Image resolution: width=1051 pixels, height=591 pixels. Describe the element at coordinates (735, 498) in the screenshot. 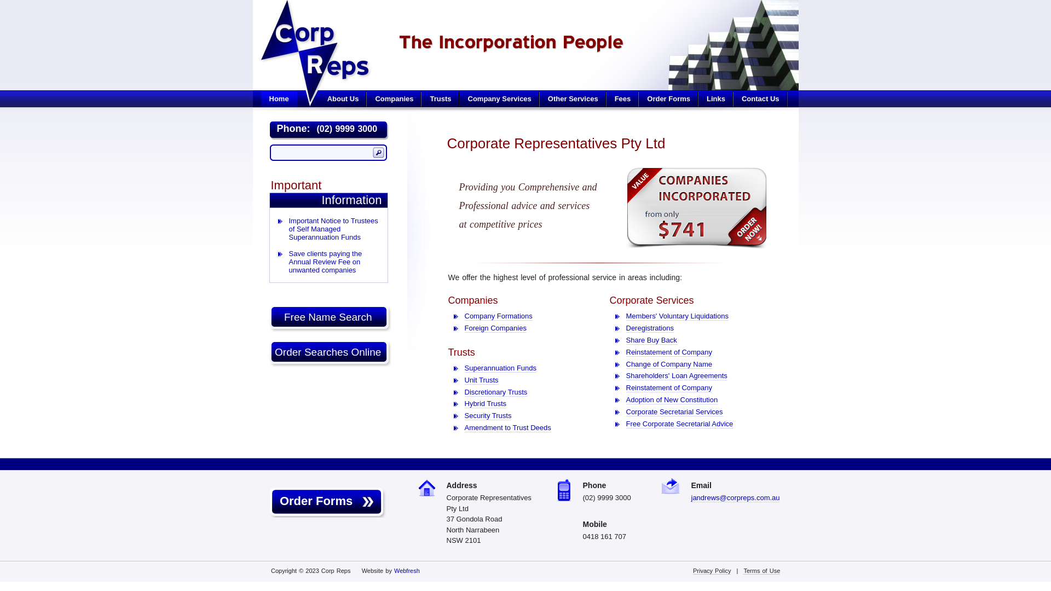

I see `'jandrews@corpreps.com.au'` at that location.